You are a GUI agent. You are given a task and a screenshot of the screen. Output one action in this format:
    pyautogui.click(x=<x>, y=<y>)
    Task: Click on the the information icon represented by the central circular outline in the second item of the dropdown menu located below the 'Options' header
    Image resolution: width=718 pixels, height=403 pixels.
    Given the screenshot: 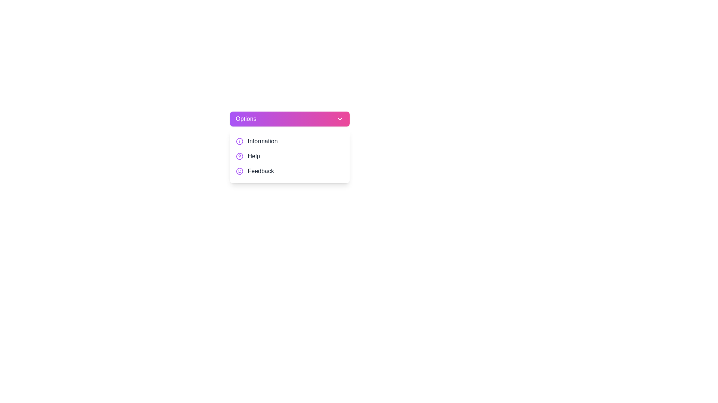 What is the action you would take?
    pyautogui.click(x=239, y=141)
    